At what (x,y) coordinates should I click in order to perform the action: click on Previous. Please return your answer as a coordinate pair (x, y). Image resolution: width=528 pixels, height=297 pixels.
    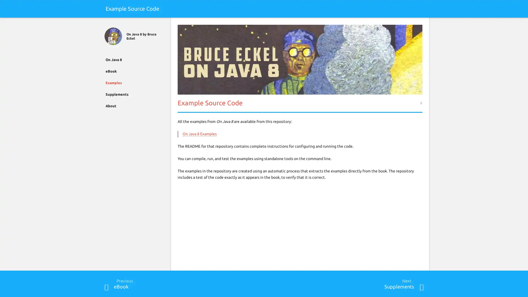
    Looking at the image, I should click on (106, 287).